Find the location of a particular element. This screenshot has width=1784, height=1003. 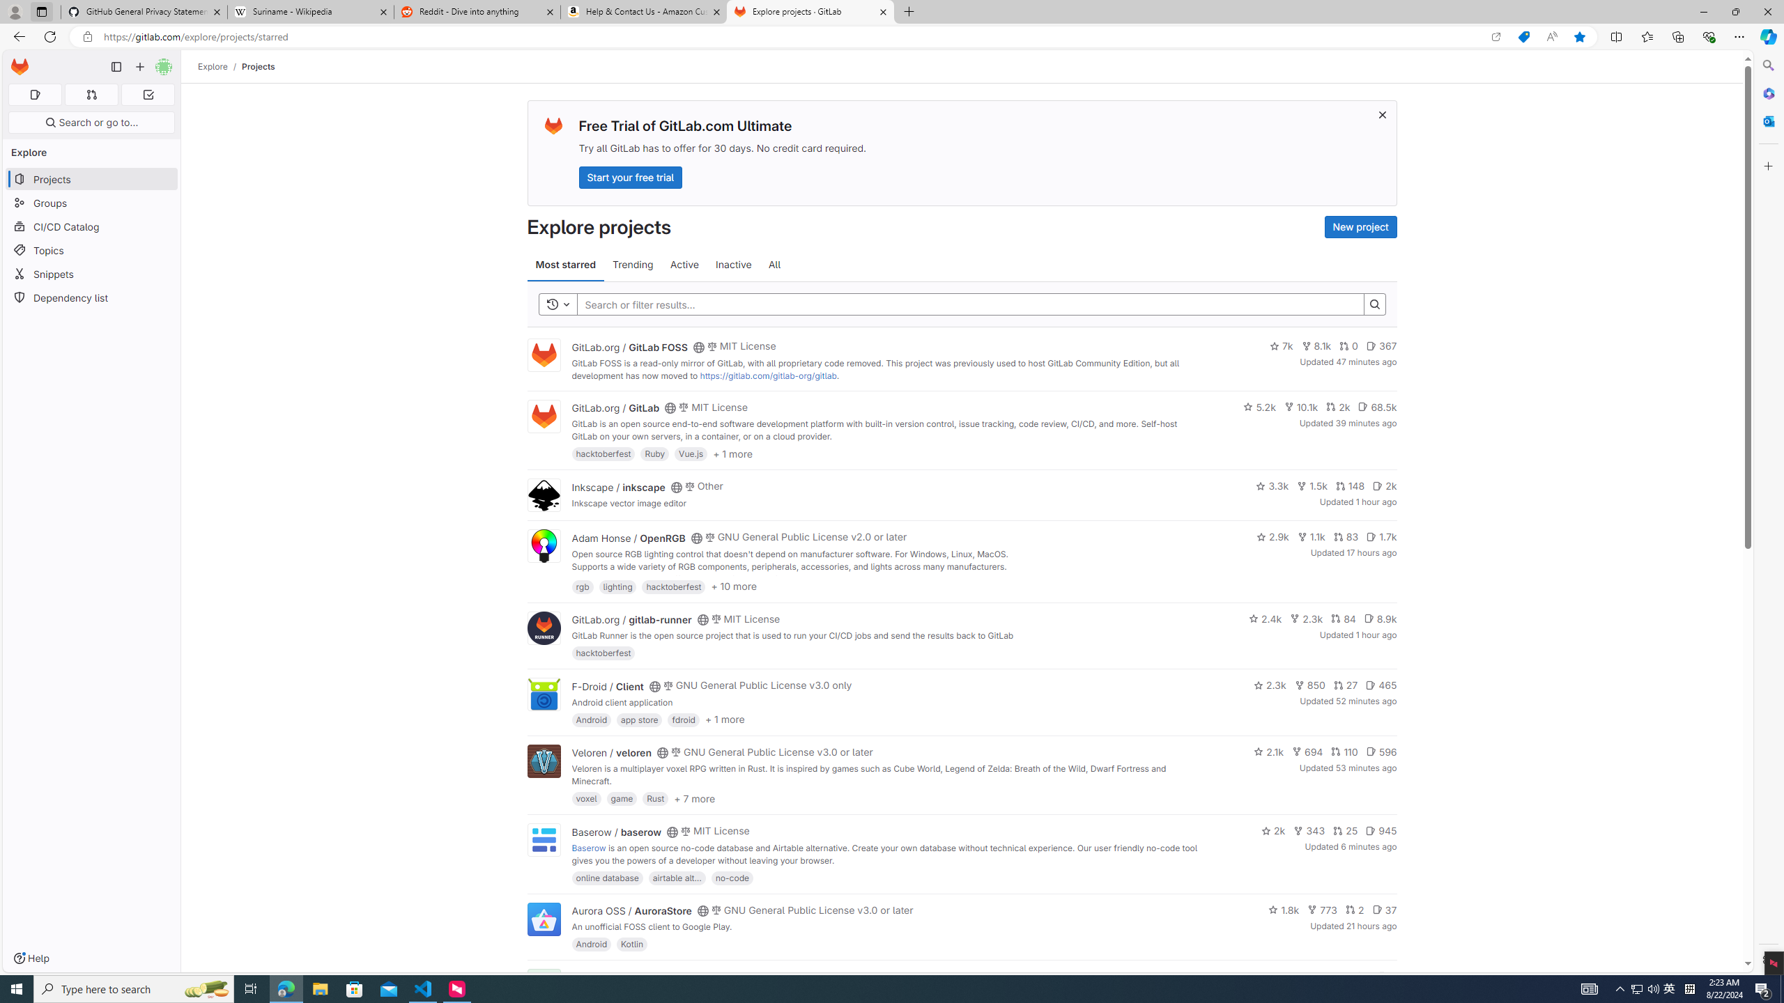

'airtable alt...' is located at coordinates (676, 877).